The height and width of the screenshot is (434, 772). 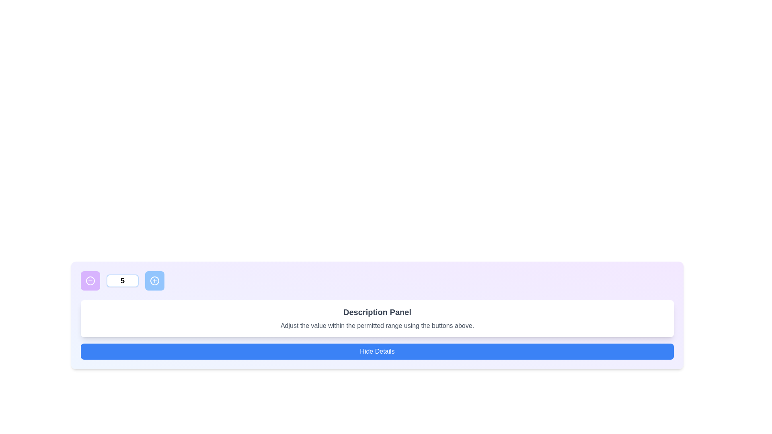 What do you see at coordinates (377, 351) in the screenshot?
I see `the rectangular button with a blue background and white text that reads 'Hide Details'` at bounding box center [377, 351].